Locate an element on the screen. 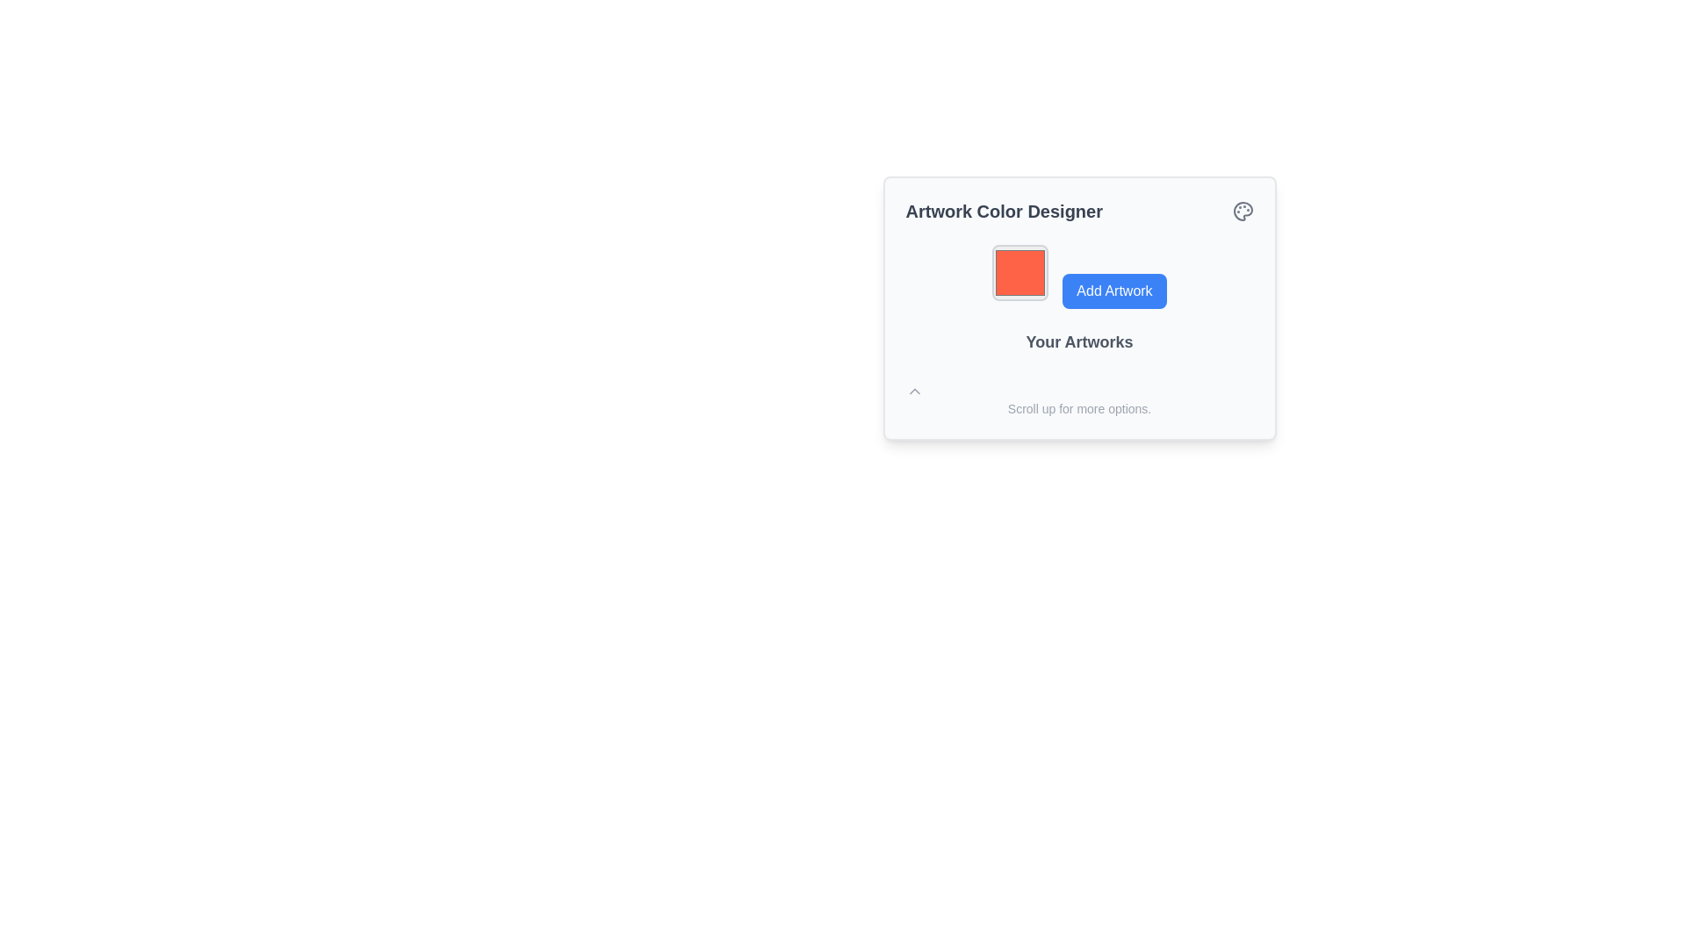  the decorative graphical icon located in the top-right corner of the 'Artwork Color Designer' card is located at coordinates (1242, 210).